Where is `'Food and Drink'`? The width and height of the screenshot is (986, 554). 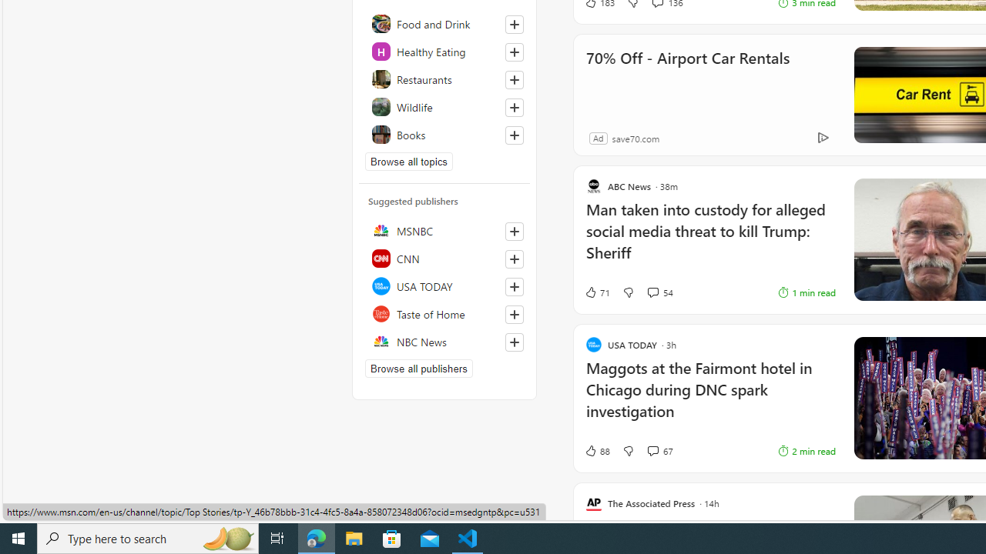 'Food and Drink' is located at coordinates (444, 23).